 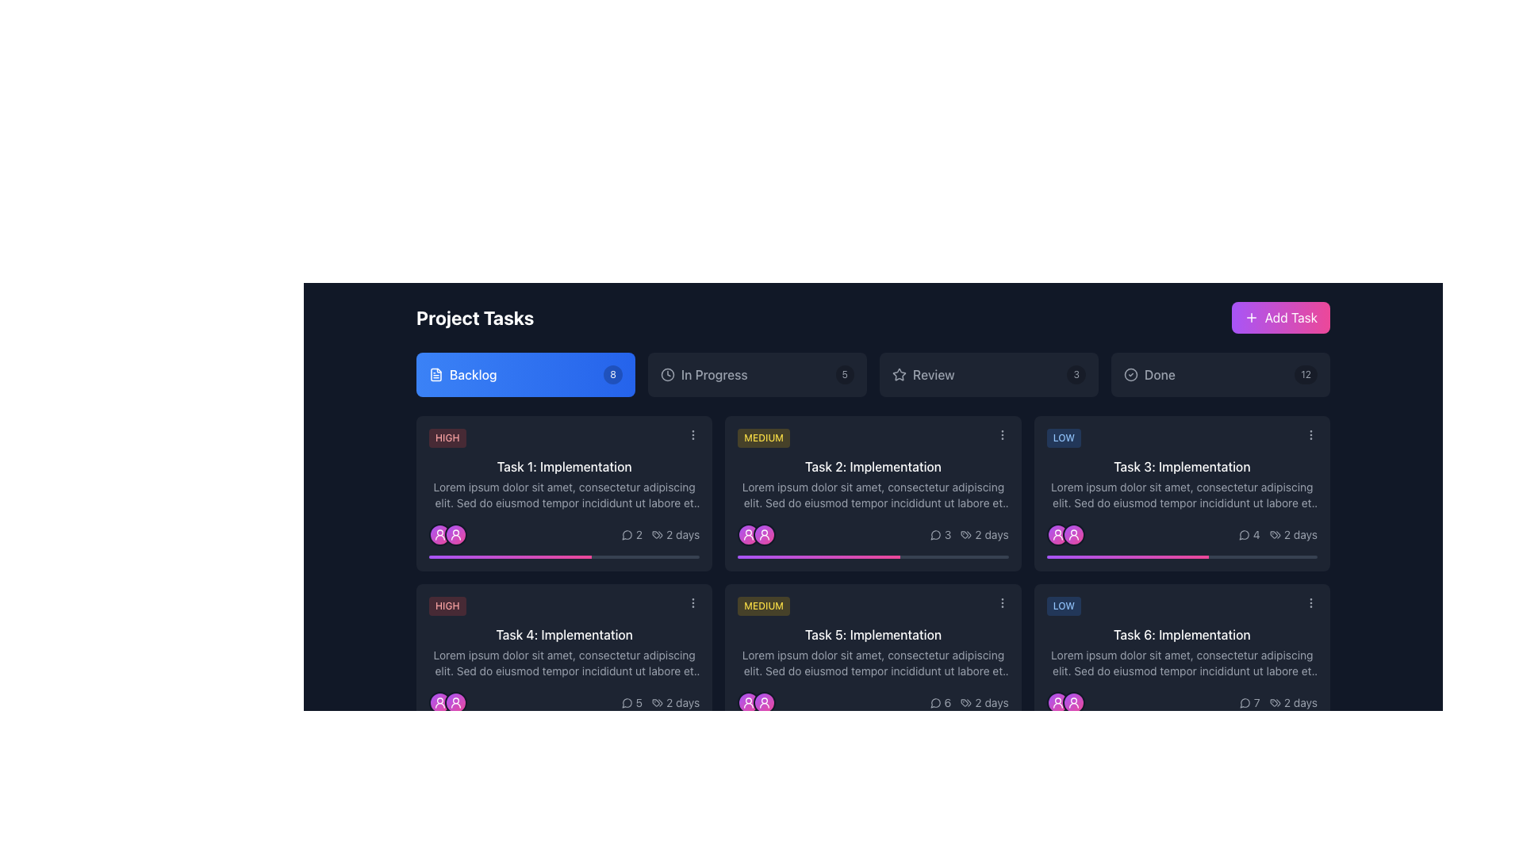 I want to click on text description related to the task titled 'Task 3: Implementation' located beneath the title in the card under the 'LOW' category in the 'Backlog' section, so click(x=1182, y=494).